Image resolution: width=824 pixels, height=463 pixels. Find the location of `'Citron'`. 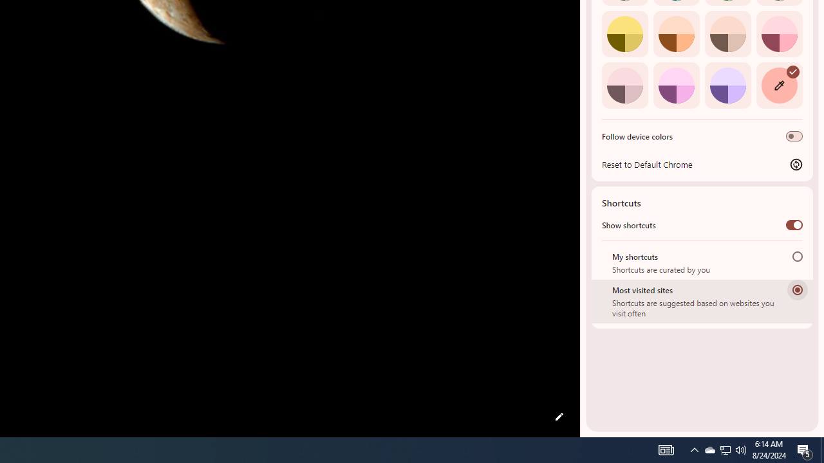

'Citron' is located at coordinates (624, 33).